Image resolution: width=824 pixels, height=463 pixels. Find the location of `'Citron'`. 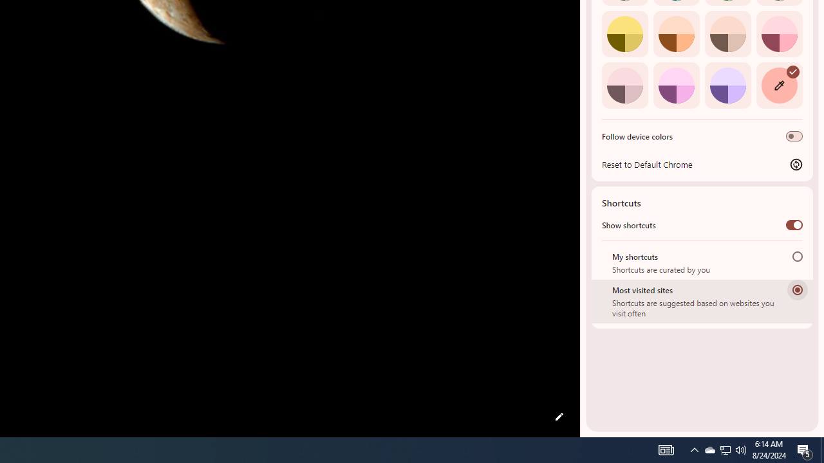

'Citron' is located at coordinates (624, 33).